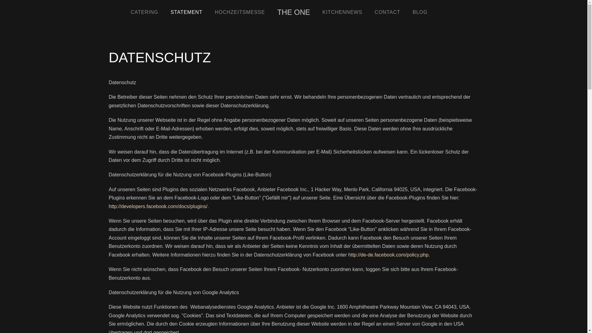 This screenshot has width=592, height=333. Describe the element at coordinates (342, 12) in the screenshot. I see `'KITCHENNEWS'` at that location.